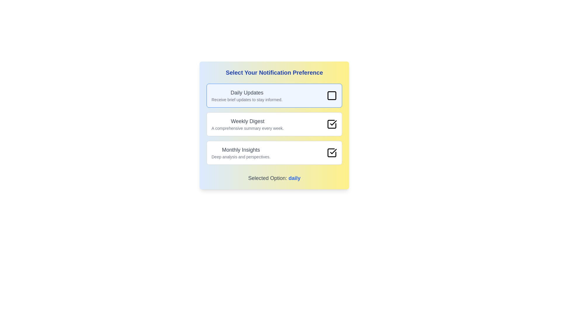  Describe the element at coordinates (241, 153) in the screenshot. I see `the 'Monthly Insights' option for selection` at that location.